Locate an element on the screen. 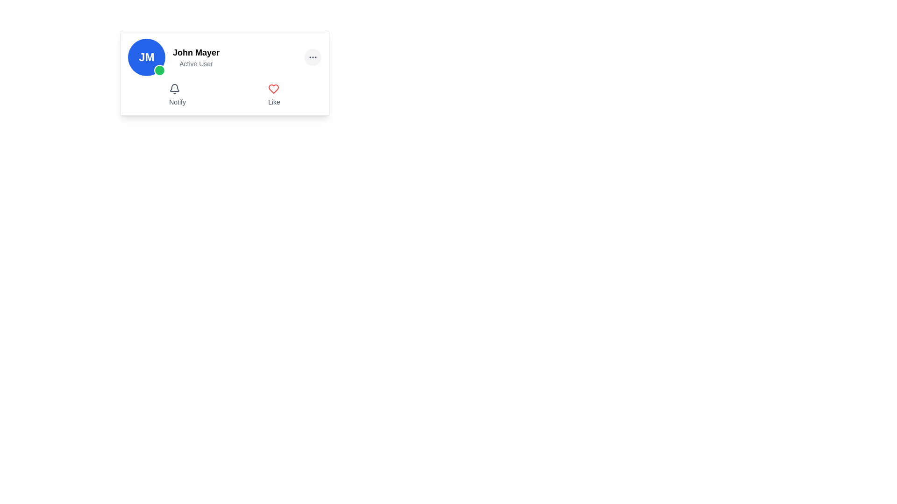  the text label displaying 'John Mayer', which is part of the user profile section and is positioned above the smaller text 'Active User' is located at coordinates (196, 52).